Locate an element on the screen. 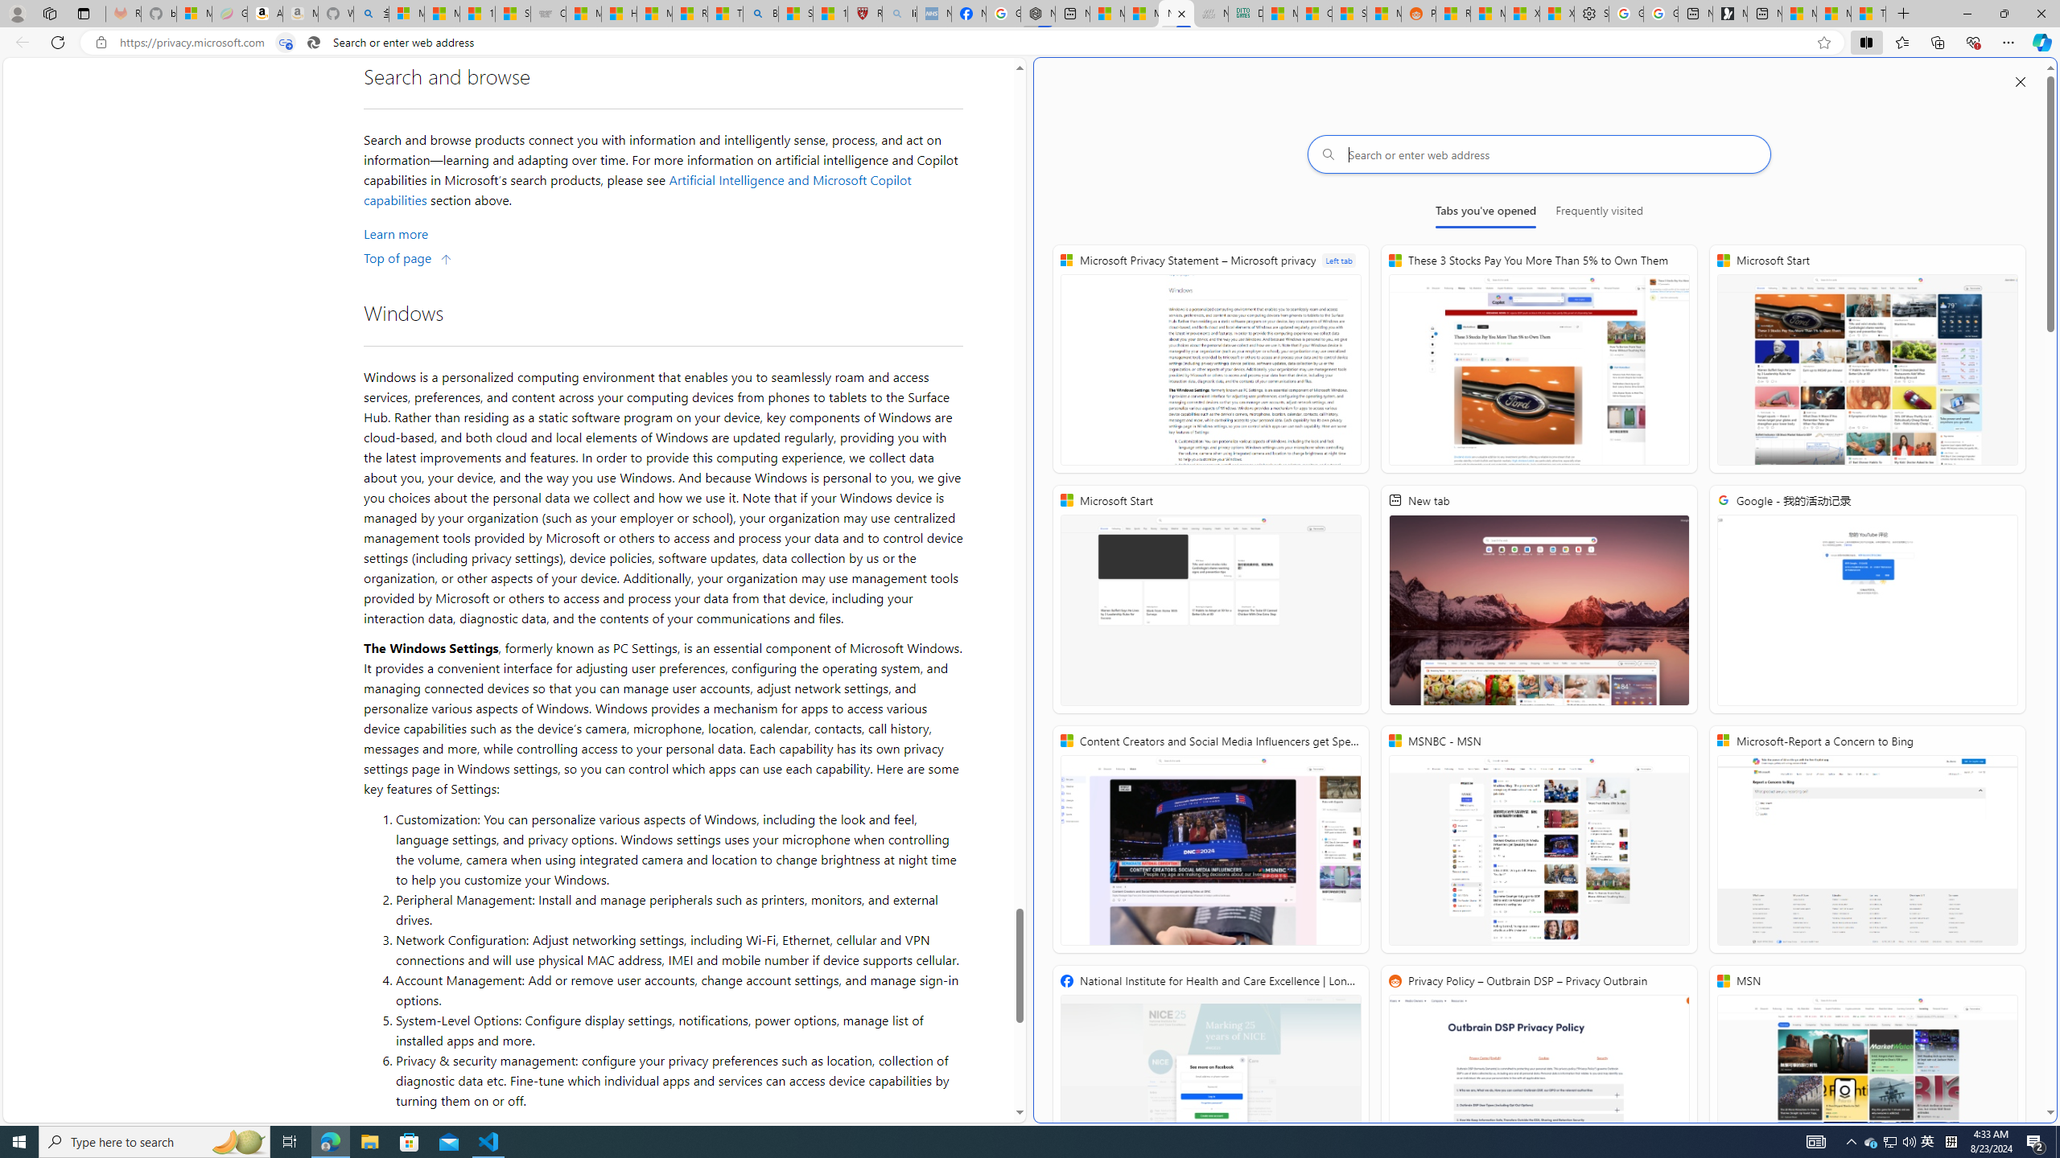  'Bing' is located at coordinates (759, 13).